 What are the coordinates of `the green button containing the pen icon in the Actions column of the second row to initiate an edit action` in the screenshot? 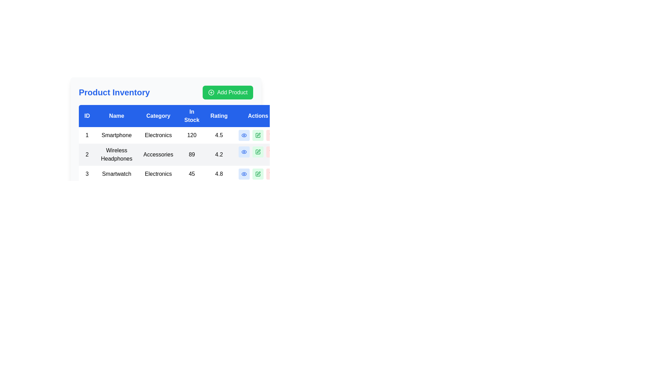 It's located at (257, 151).